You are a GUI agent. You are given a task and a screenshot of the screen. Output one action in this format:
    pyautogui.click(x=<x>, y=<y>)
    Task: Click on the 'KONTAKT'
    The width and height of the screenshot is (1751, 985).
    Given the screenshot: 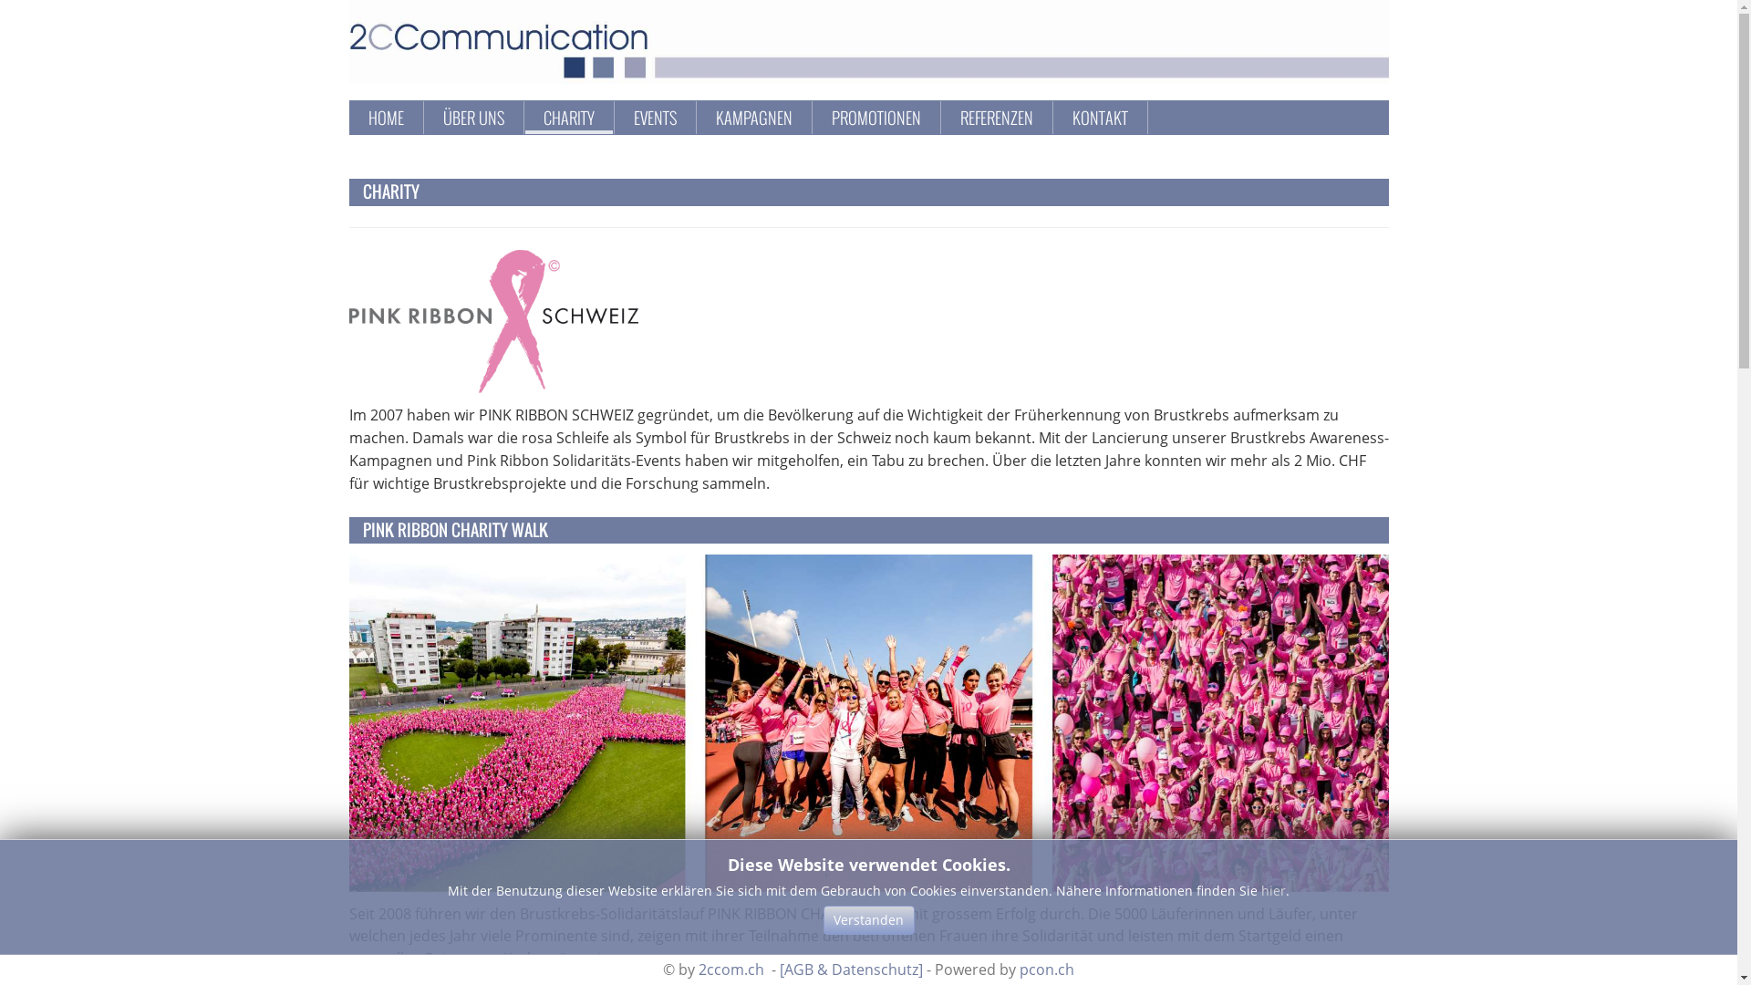 What is the action you would take?
    pyautogui.click(x=1054, y=117)
    